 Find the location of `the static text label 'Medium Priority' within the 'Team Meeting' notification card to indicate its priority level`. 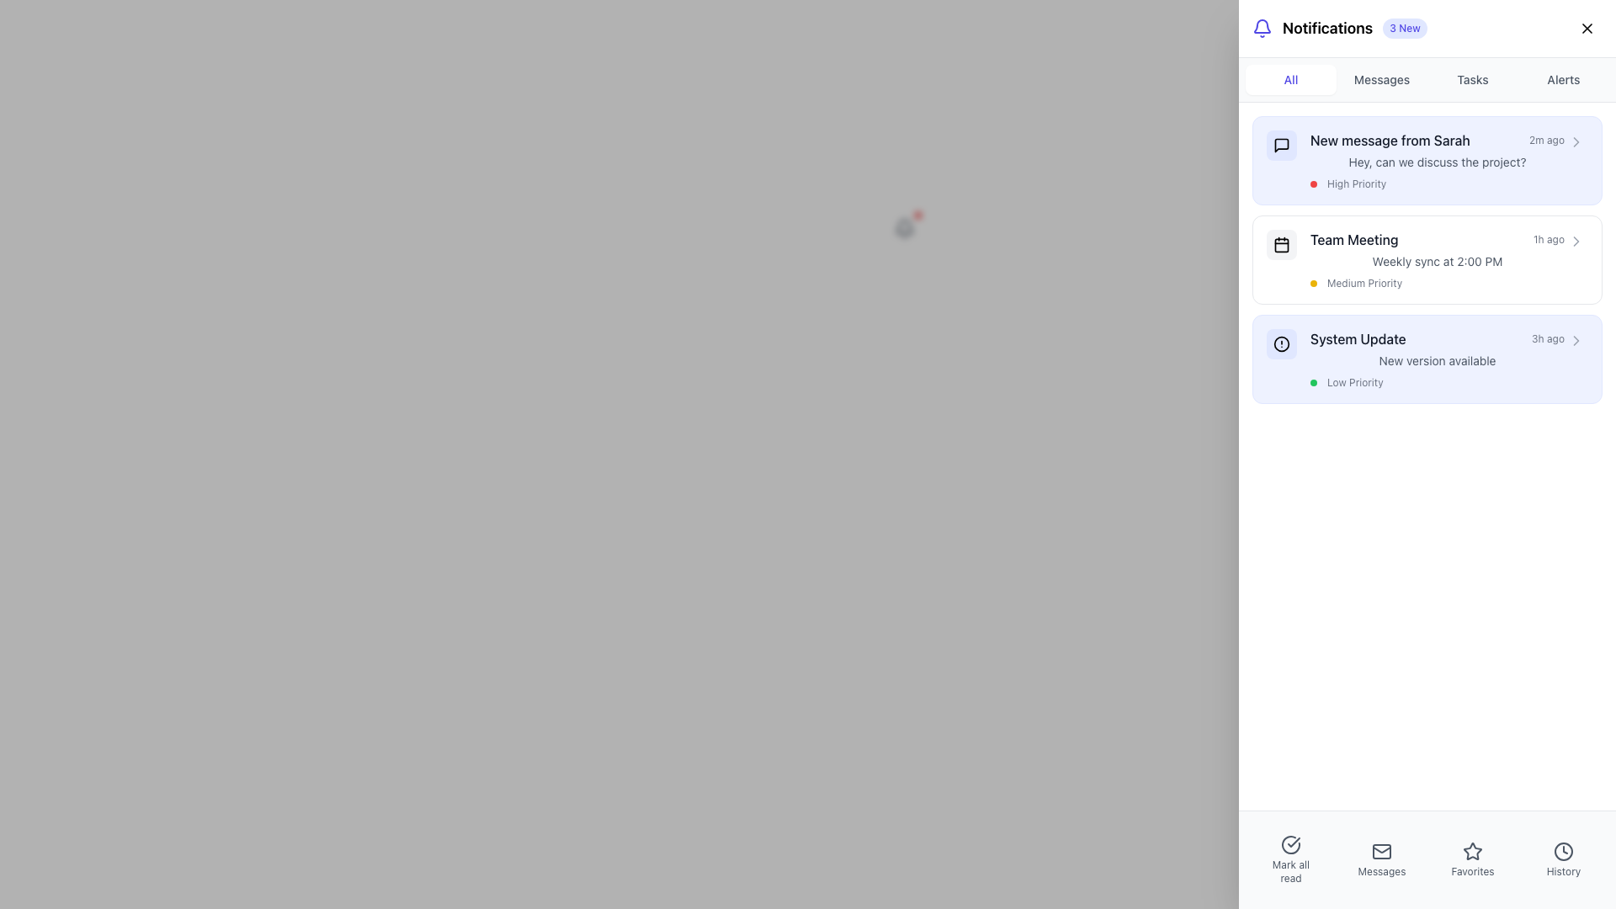

the static text label 'Medium Priority' within the 'Team Meeting' notification card to indicate its priority level is located at coordinates (1364, 282).